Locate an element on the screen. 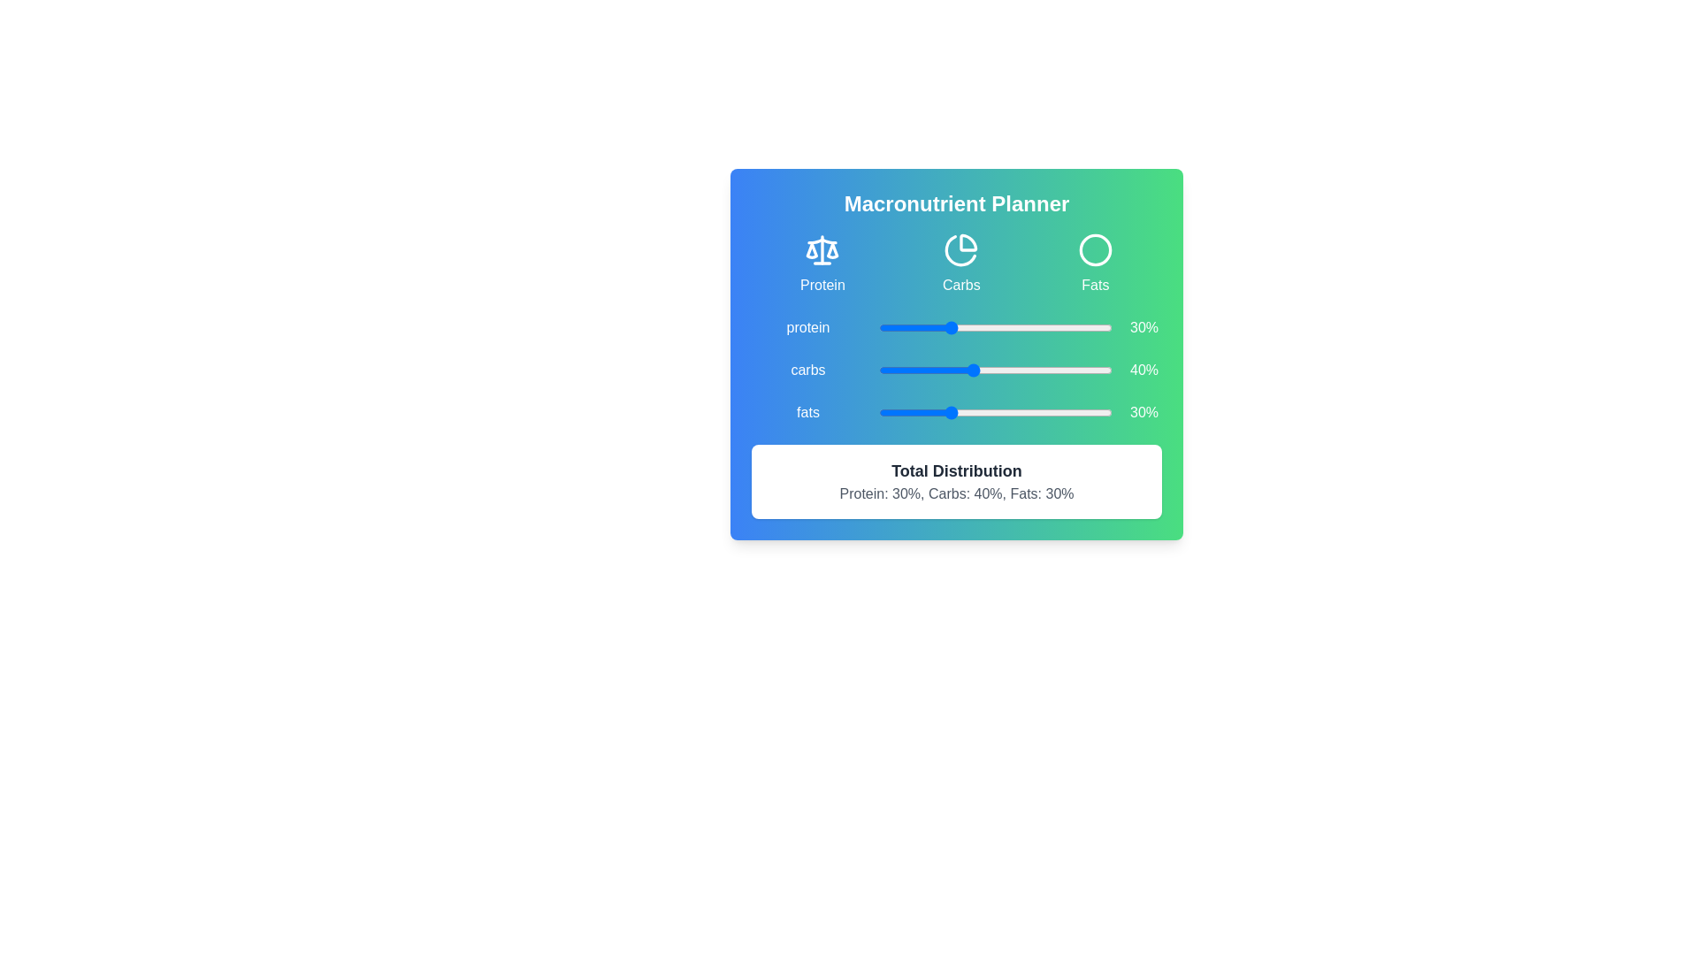 The image size is (1698, 955). the carbs percentage is located at coordinates (1007, 370).